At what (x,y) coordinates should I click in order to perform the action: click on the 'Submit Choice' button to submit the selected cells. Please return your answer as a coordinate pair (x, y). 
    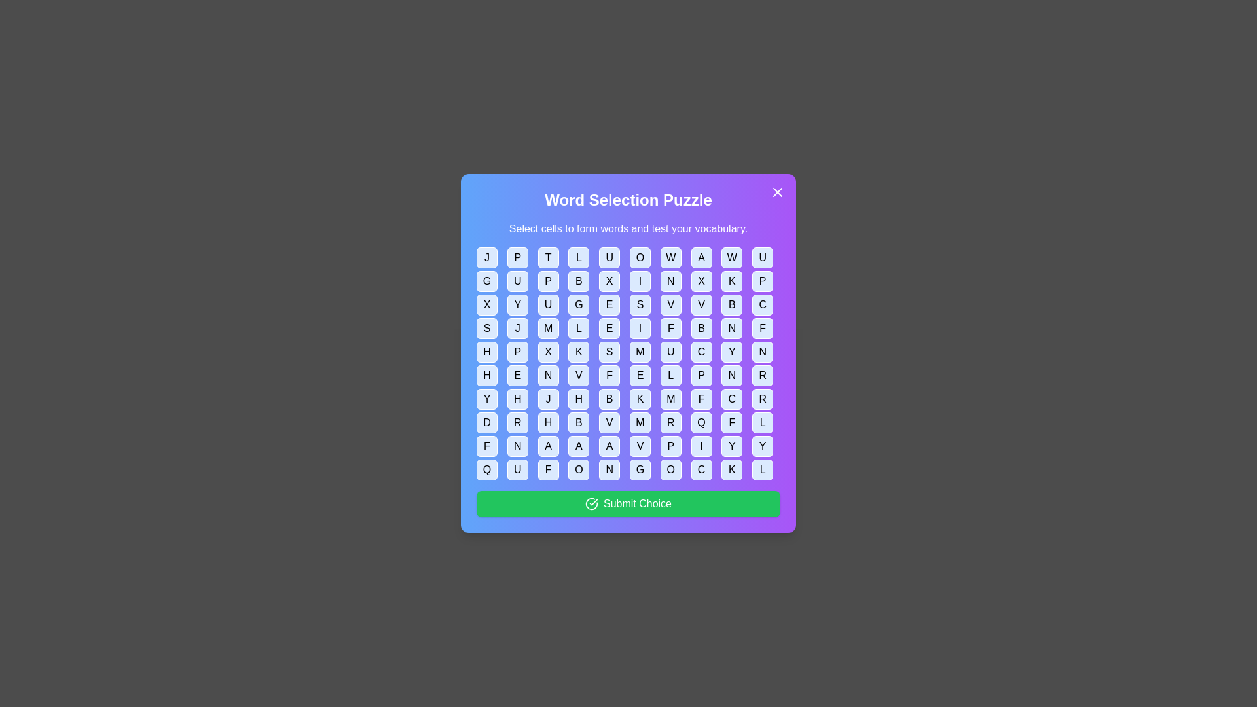
    Looking at the image, I should click on (628, 503).